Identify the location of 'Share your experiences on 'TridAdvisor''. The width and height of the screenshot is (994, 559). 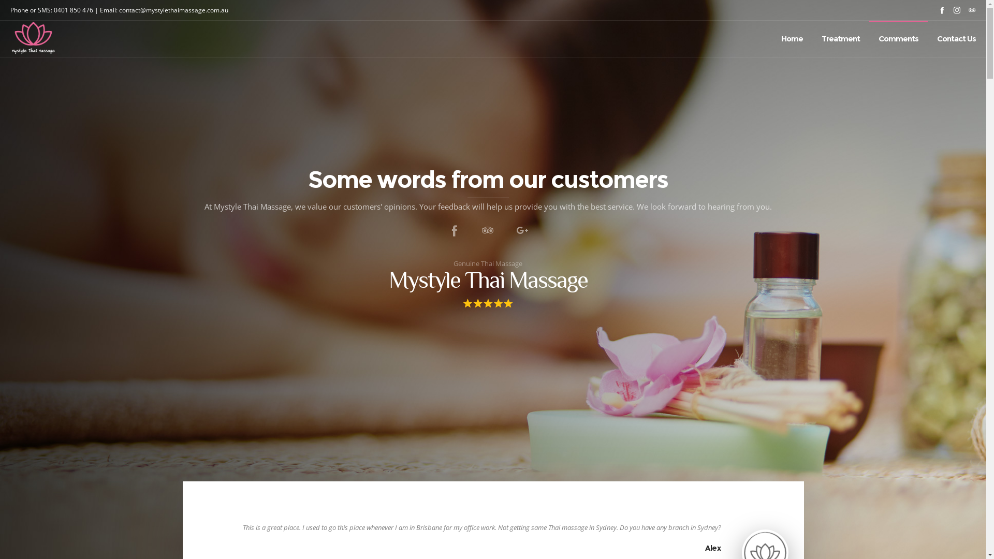
(487, 230).